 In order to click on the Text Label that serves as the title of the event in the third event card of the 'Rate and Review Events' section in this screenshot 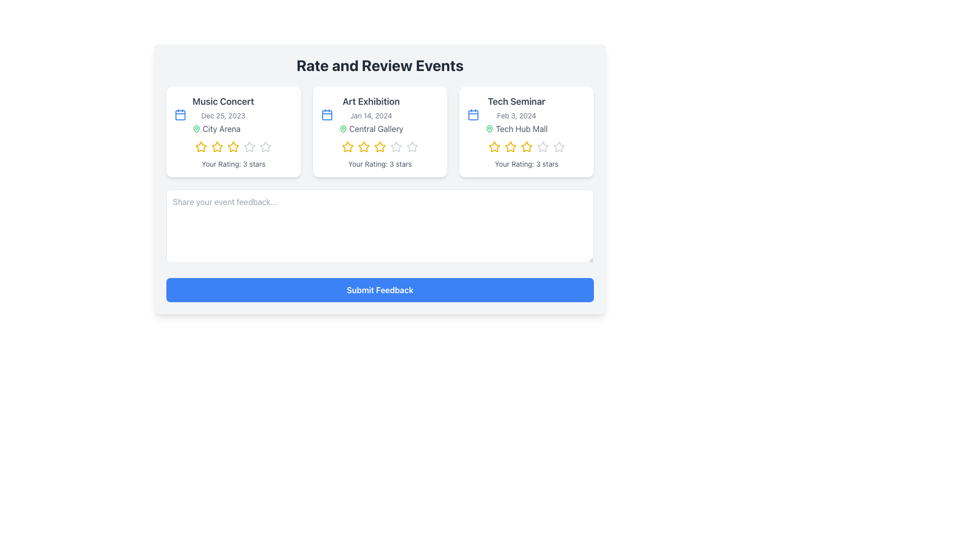, I will do `click(516, 101)`.